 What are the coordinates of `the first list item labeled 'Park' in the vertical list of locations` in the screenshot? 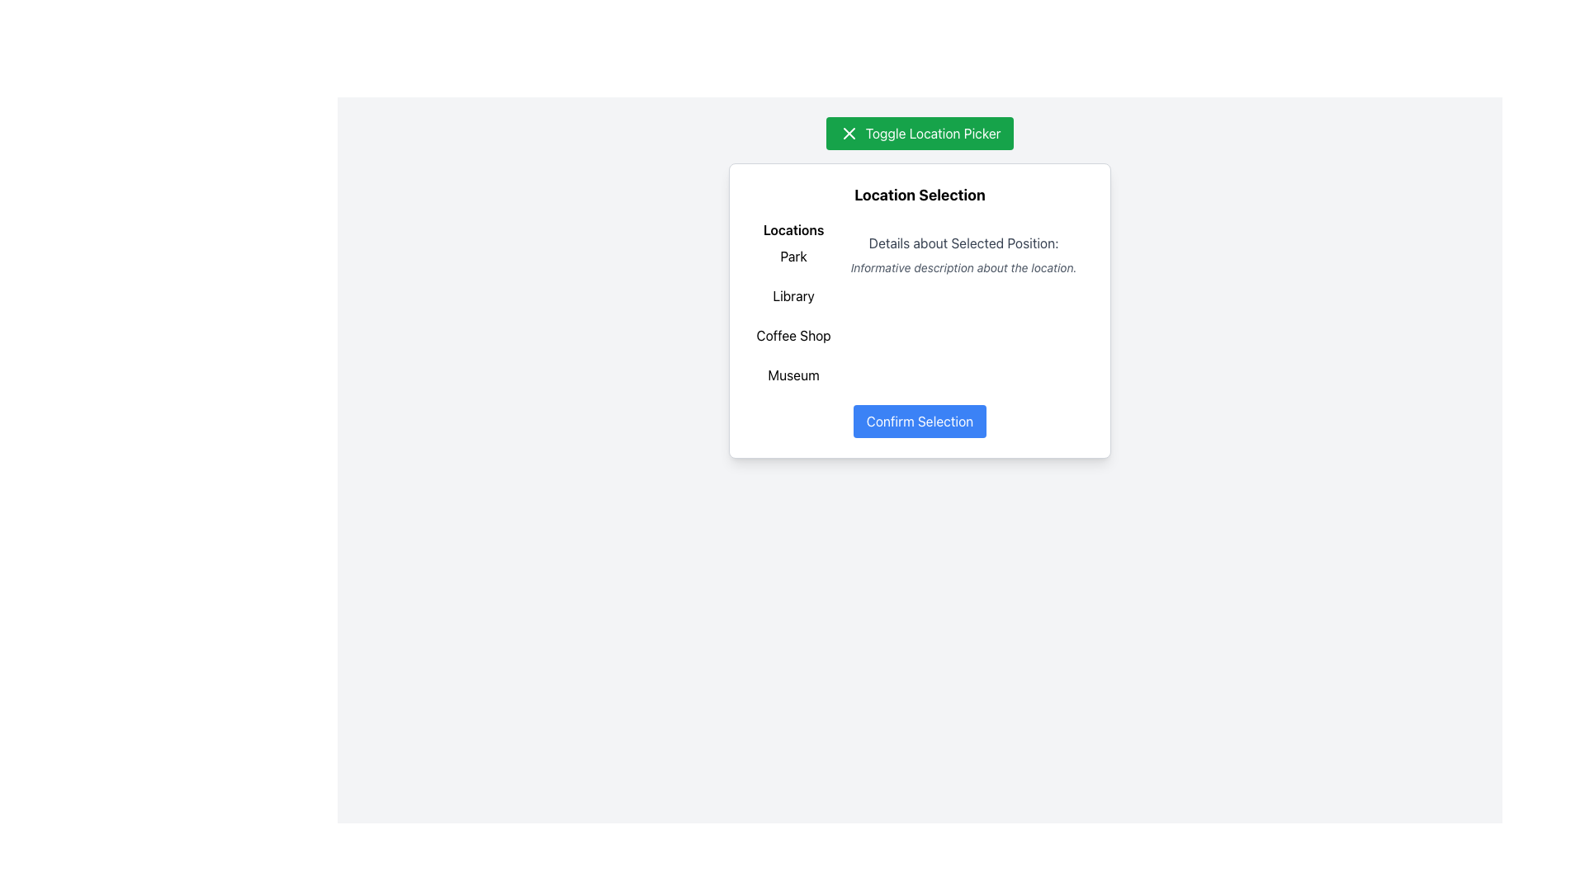 It's located at (793, 257).